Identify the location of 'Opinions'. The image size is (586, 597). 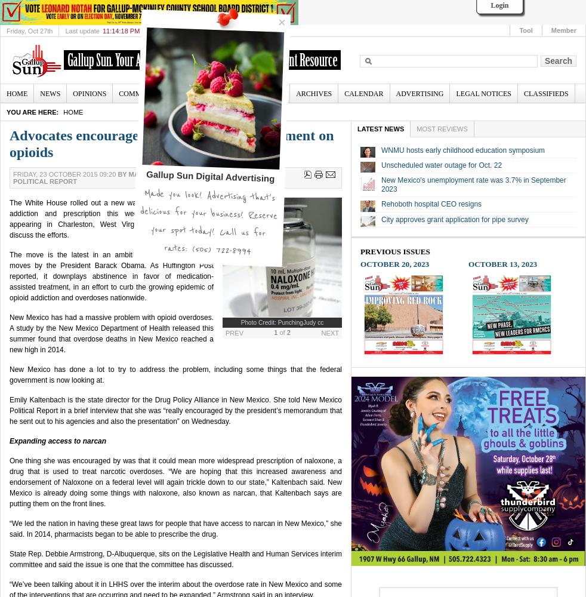
(88, 94).